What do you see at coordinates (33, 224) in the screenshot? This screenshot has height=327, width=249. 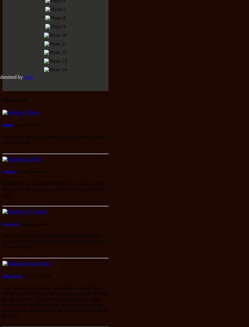 I see `'Dec 15, 2015 at  2:36PM'` at bounding box center [33, 224].